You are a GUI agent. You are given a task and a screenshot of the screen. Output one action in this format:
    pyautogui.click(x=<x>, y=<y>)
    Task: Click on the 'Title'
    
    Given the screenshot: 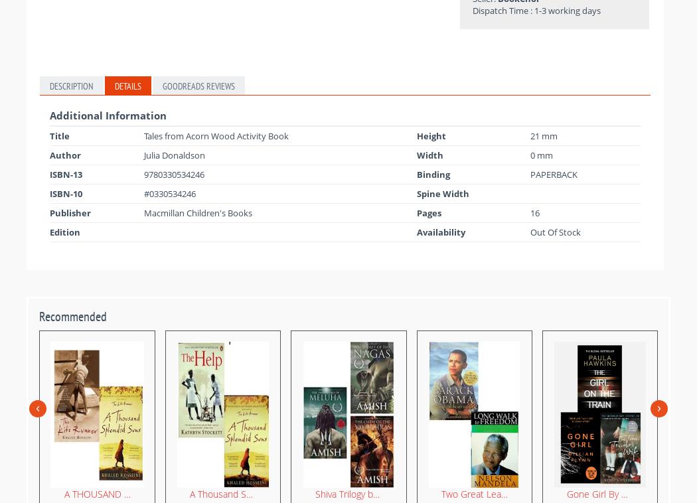 What is the action you would take?
    pyautogui.click(x=59, y=135)
    